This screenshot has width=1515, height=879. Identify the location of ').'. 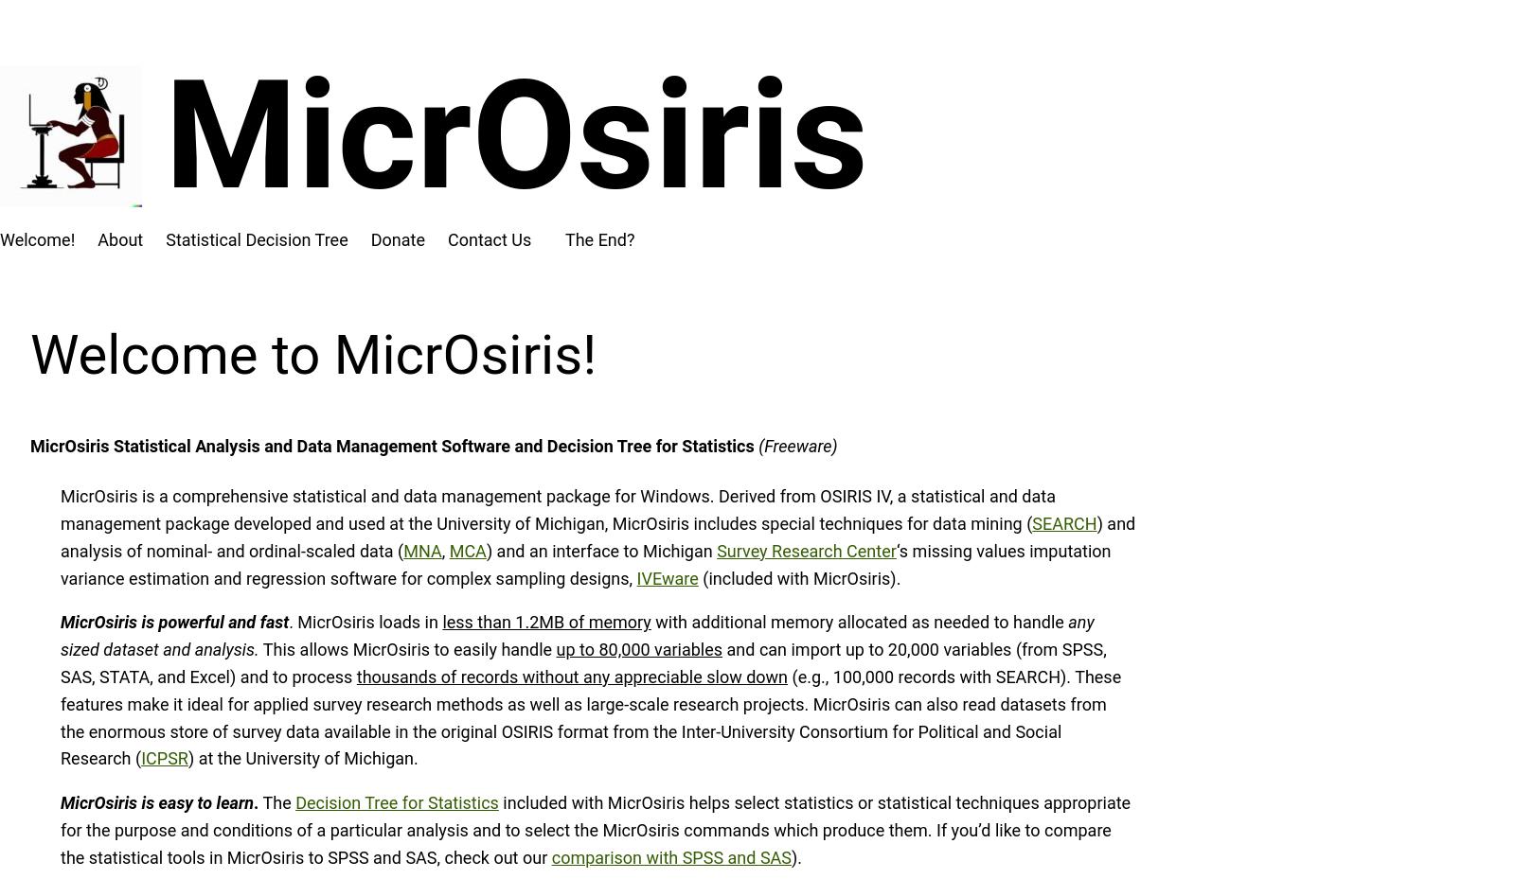
(795, 856).